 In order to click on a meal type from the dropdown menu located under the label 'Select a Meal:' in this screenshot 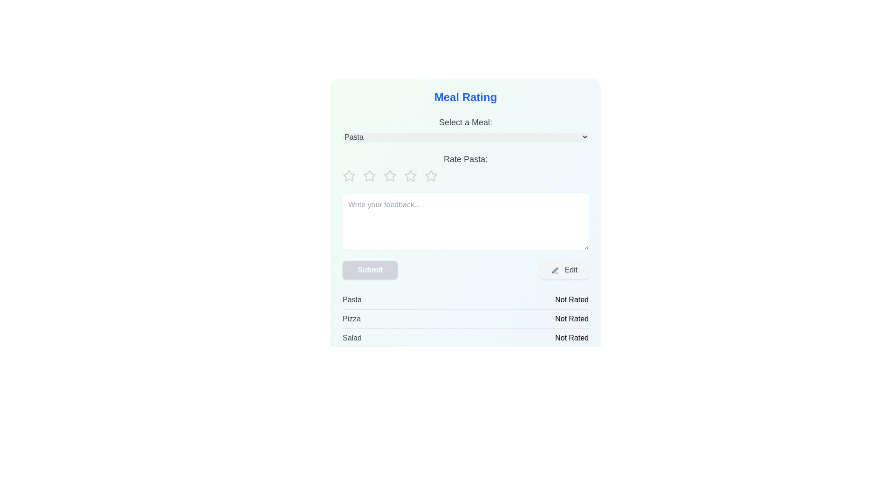, I will do `click(465, 136)`.